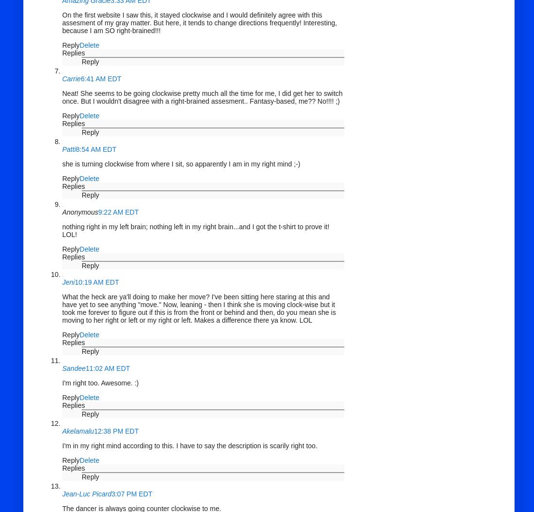 The height and width of the screenshot is (512, 534). What do you see at coordinates (131, 493) in the screenshot?
I see `'3:07 PM EDT'` at bounding box center [131, 493].